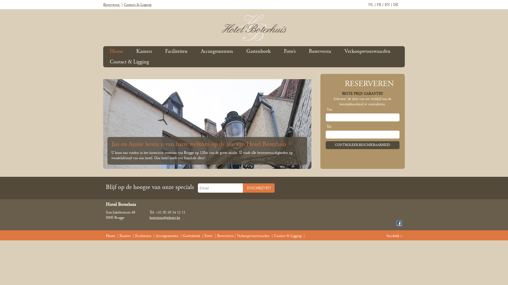 The width and height of the screenshot is (508, 285). Describe the element at coordinates (258, 51) in the screenshot. I see `'Gastenboek'` at that location.